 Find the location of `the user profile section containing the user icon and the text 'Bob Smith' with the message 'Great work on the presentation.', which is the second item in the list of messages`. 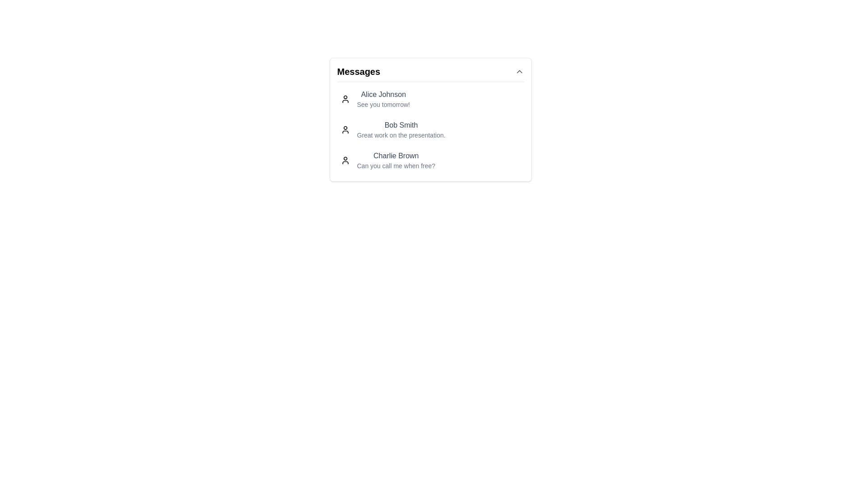

the user profile section containing the user icon and the text 'Bob Smith' with the message 'Great work on the presentation.', which is the second item in the list of messages is located at coordinates (430, 130).